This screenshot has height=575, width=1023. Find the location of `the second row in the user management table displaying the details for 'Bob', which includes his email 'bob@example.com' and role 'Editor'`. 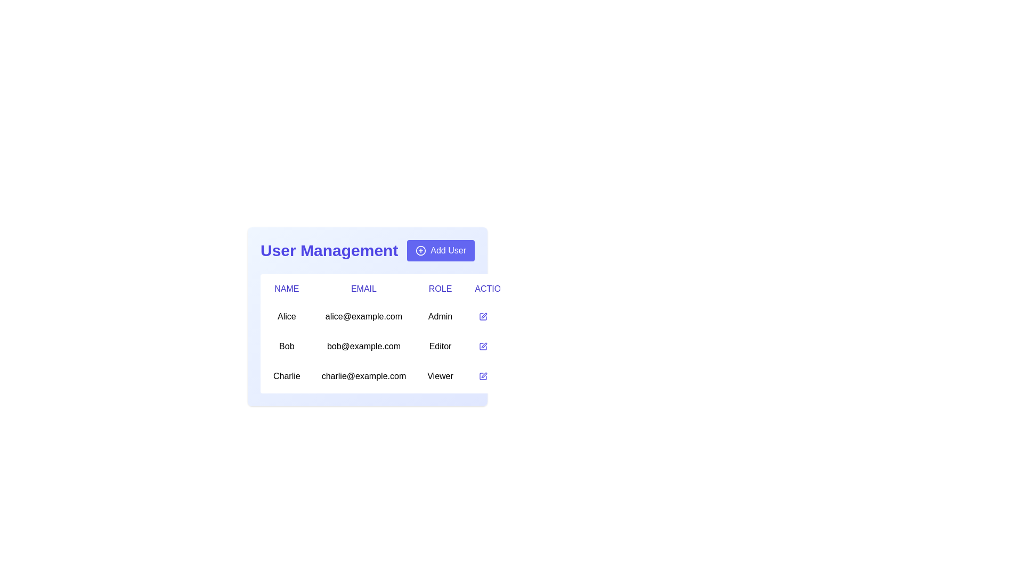

the second row in the user management table displaying the details for 'Bob', which includes his email 'bob@example.com' and role 'Editor' is located at coordinates (368, 334).